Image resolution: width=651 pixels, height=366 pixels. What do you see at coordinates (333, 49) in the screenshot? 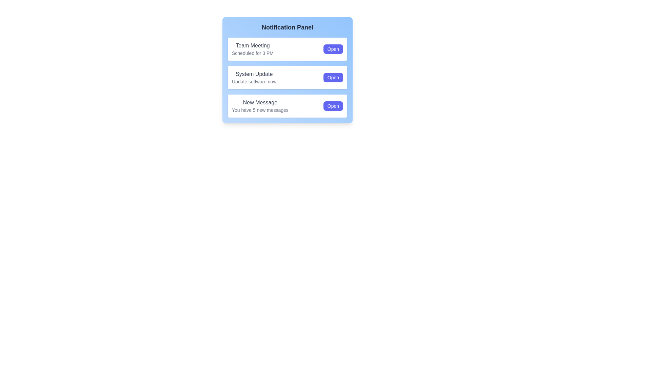
I see `'Open' button for the notification with the title Team Meeting` at bounding box center [333, 49].